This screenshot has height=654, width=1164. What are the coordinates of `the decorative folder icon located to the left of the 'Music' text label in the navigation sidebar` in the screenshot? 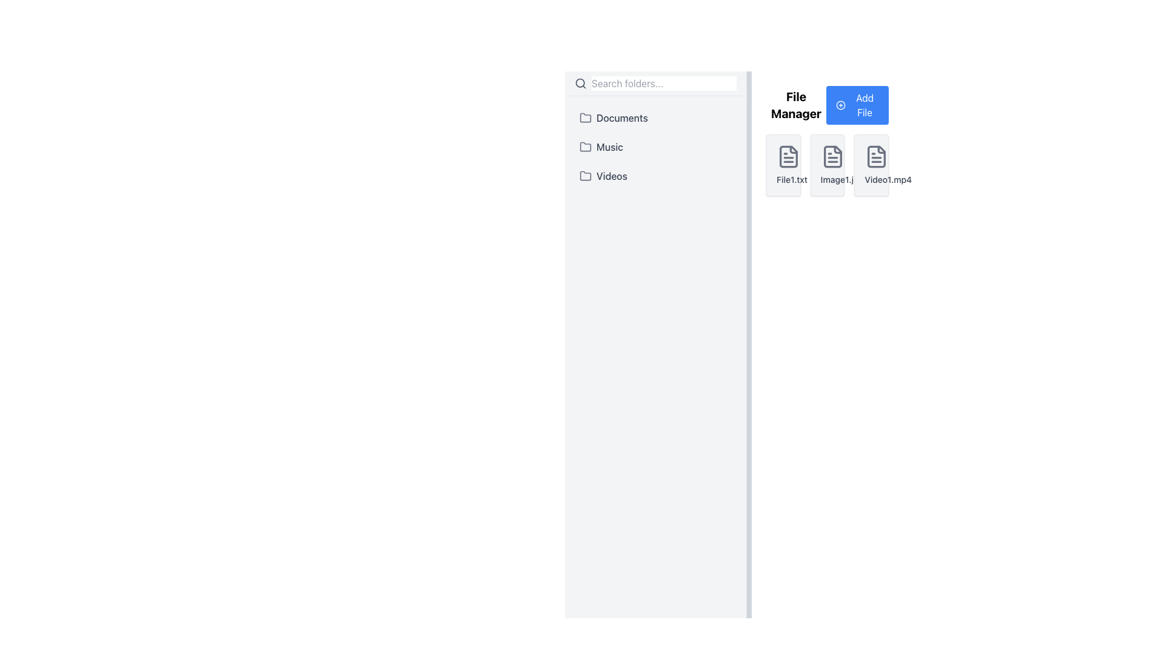 It's located at (585, 147).